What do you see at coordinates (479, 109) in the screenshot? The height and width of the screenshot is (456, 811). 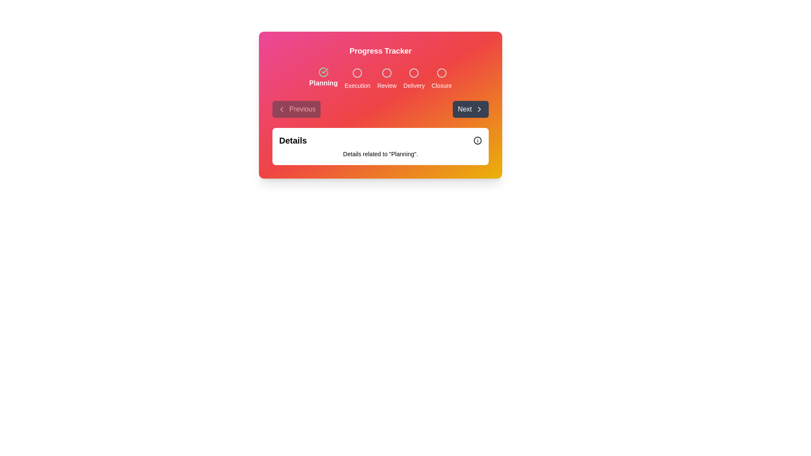 I see `the chevron icon on the 'Next' button that signifies moving to the next step in the UI, located towards the right of the central section of the card interface` at bounding box center [479, 109].